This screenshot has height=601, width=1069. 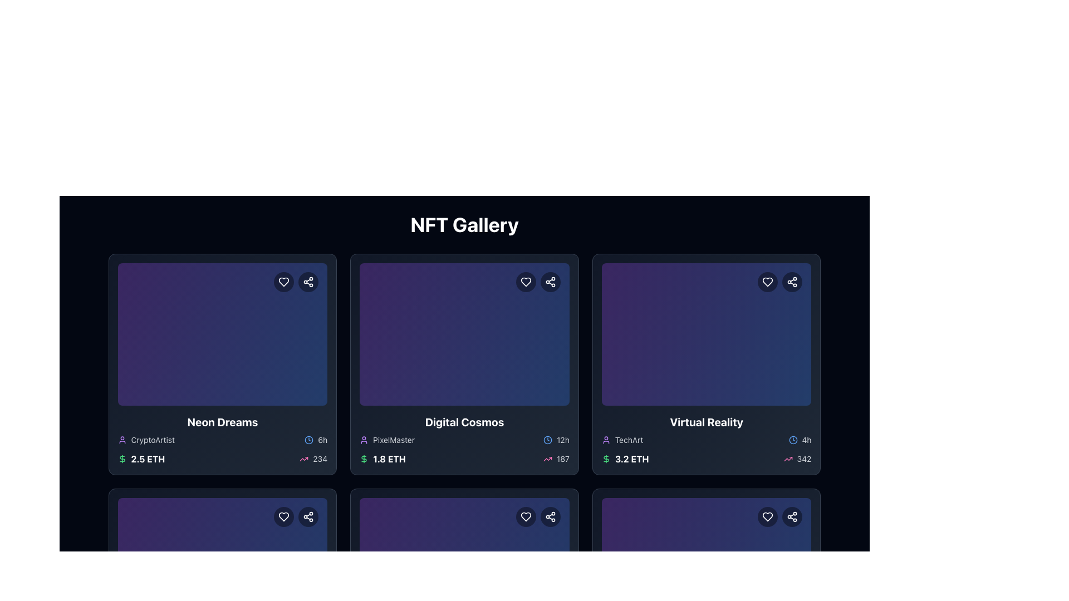 What do you see at coordinates (394, 439) in the screenshot?
I see `the text label displaying 'PixelMaster', which is gray in color and located next to a small purple user icon within the 'Digital Cosmos' card` at bounding box center [394, 439].